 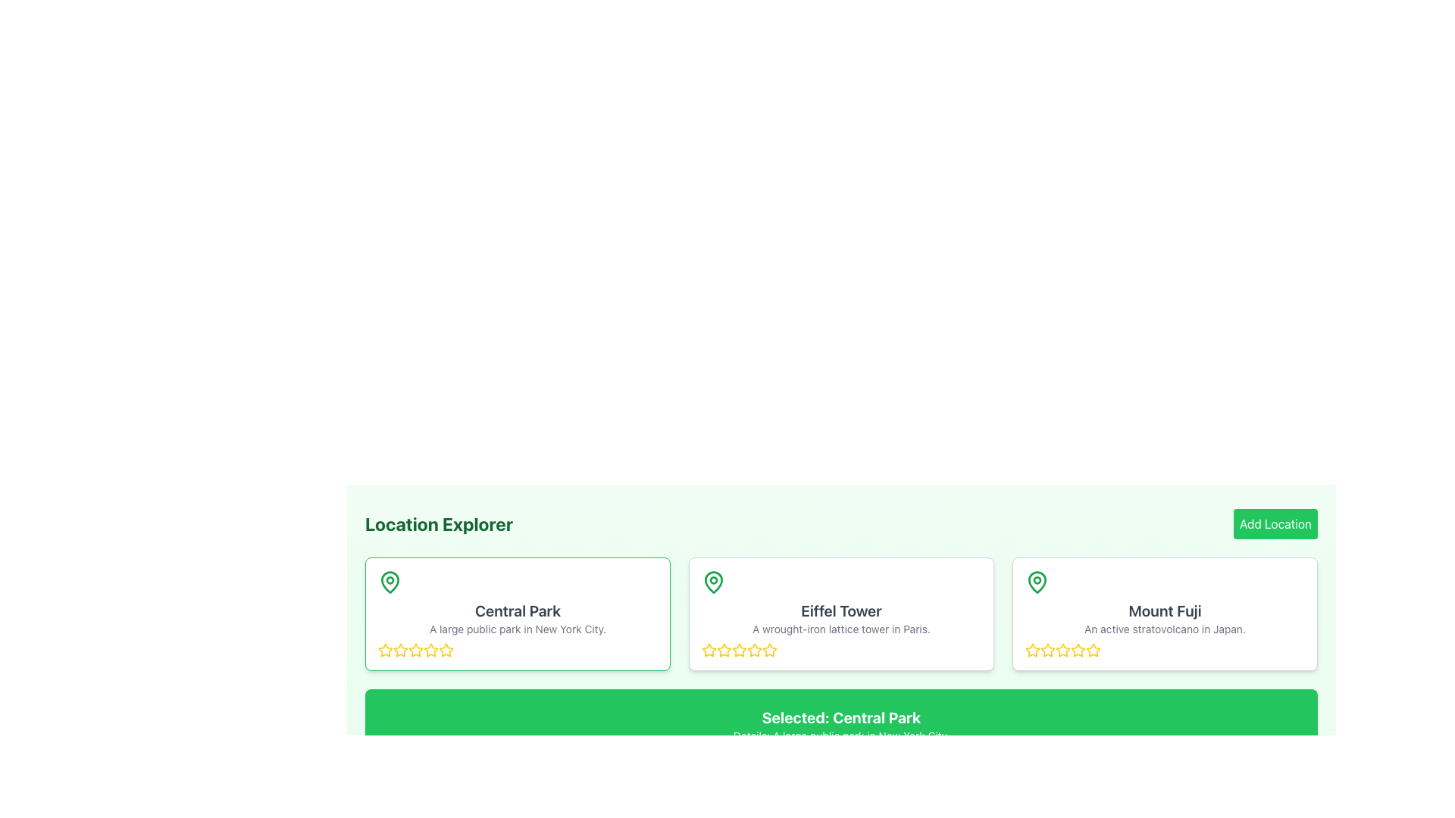 What do you see at coordinates (415, 650) in the screenshot?
I see `the fourth star in the rating system below the 'Central Park' title` at bounding box center [415, 650].